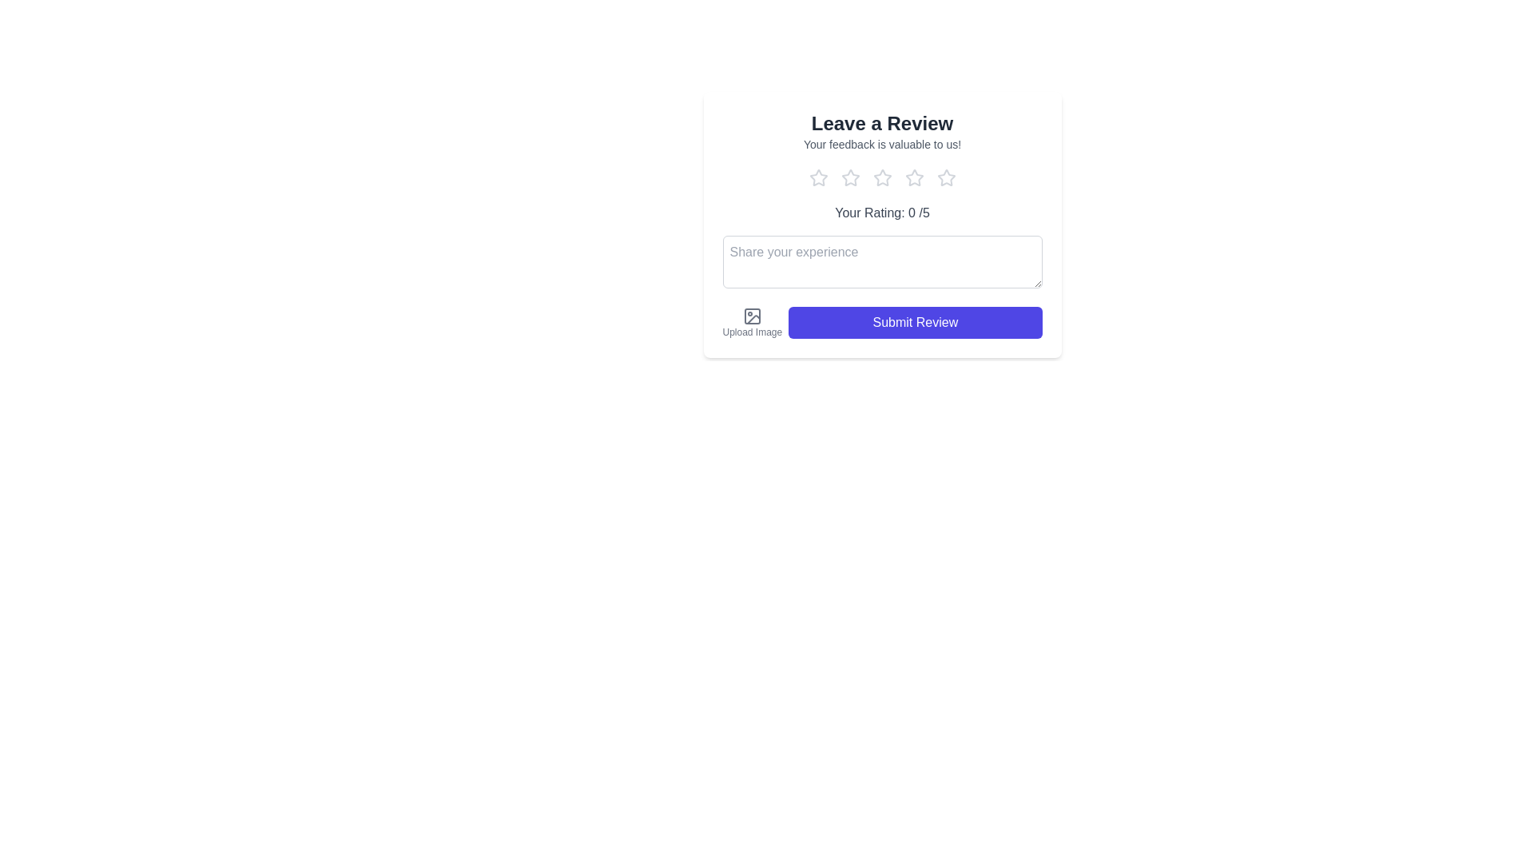 This screenshot has height=863, width=1534. What do you see at coordinates (915, 323) in the screenshot?
I see `the 'Submit Review' button to submit the review` at bounding box center [915, 323].